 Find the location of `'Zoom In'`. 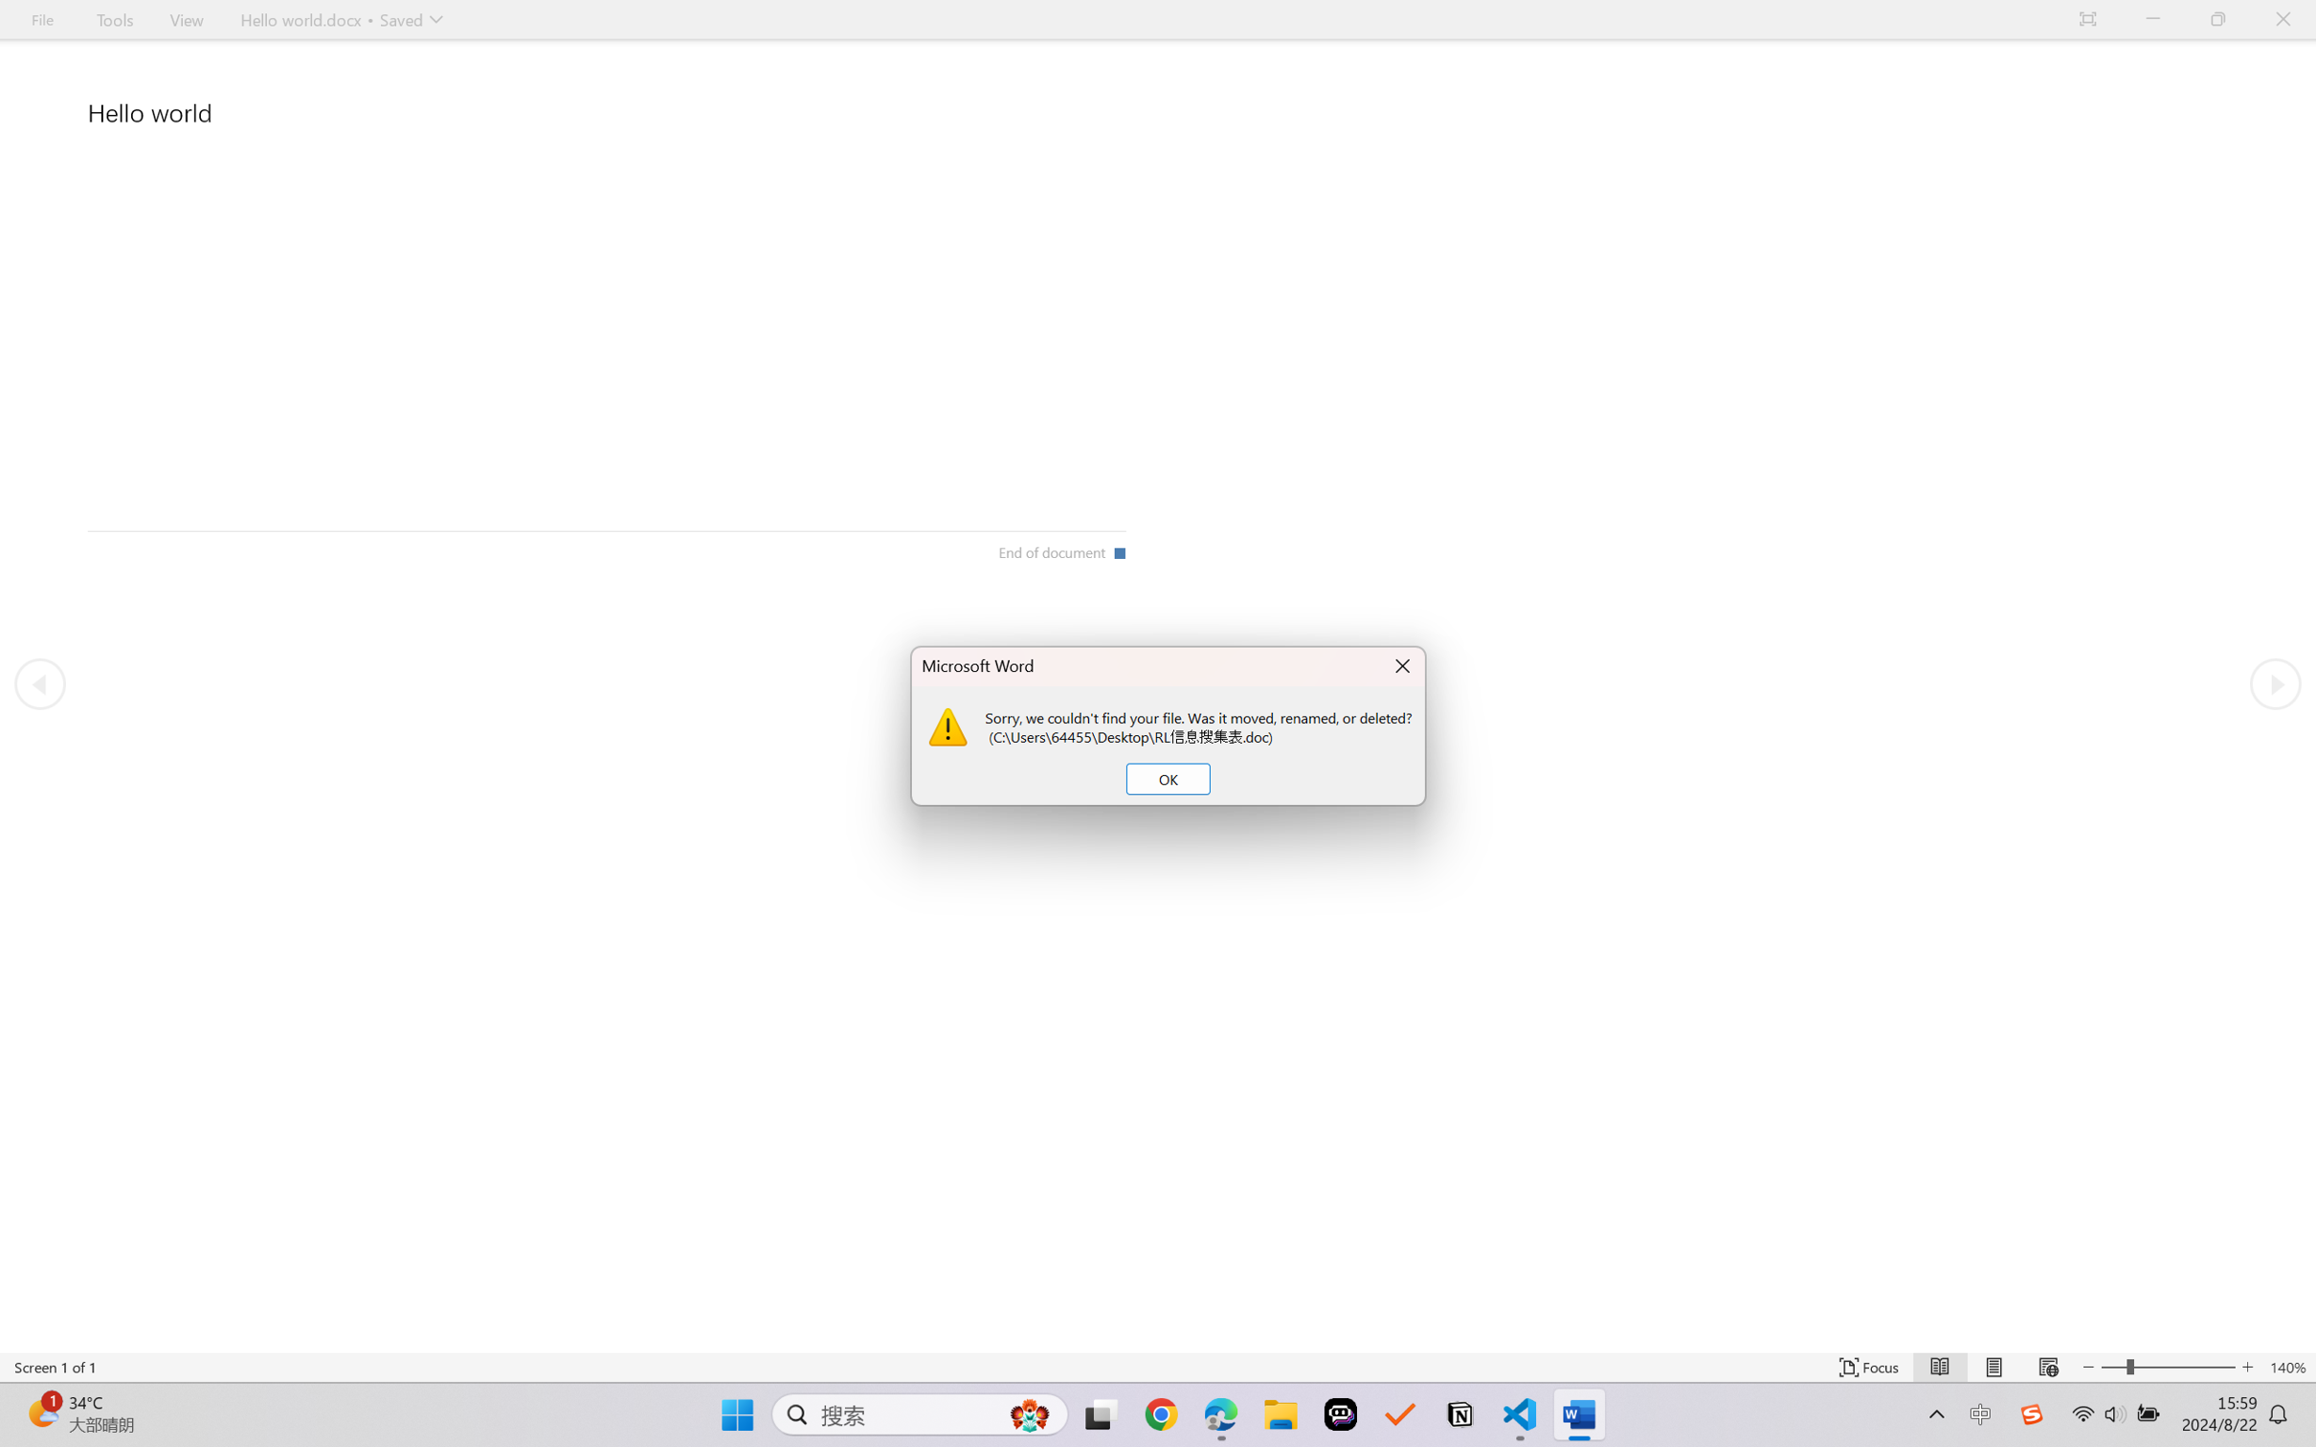

'Zoom In' is located at coordinates (2184, 1367).